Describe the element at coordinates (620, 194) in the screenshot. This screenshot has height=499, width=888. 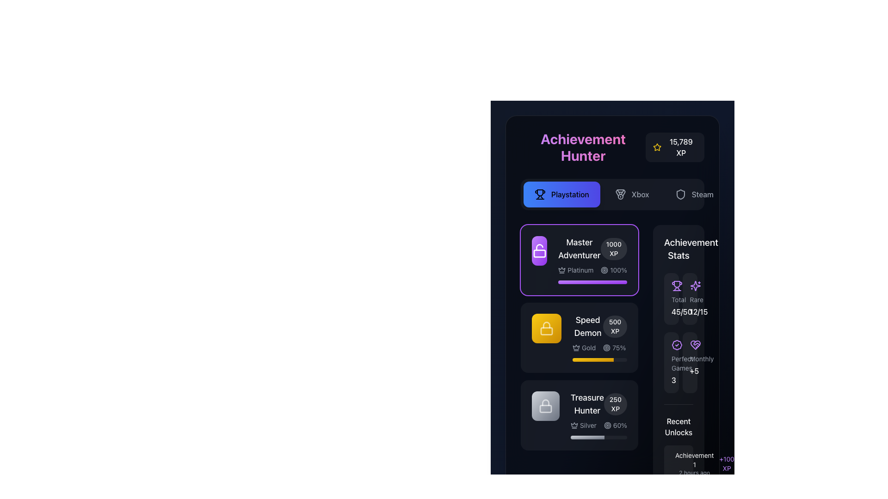
I see `the achievement or medal icon located in the horizontal navigation bar, positioned to the immediate left of the 'Xbox' text label` at that location.